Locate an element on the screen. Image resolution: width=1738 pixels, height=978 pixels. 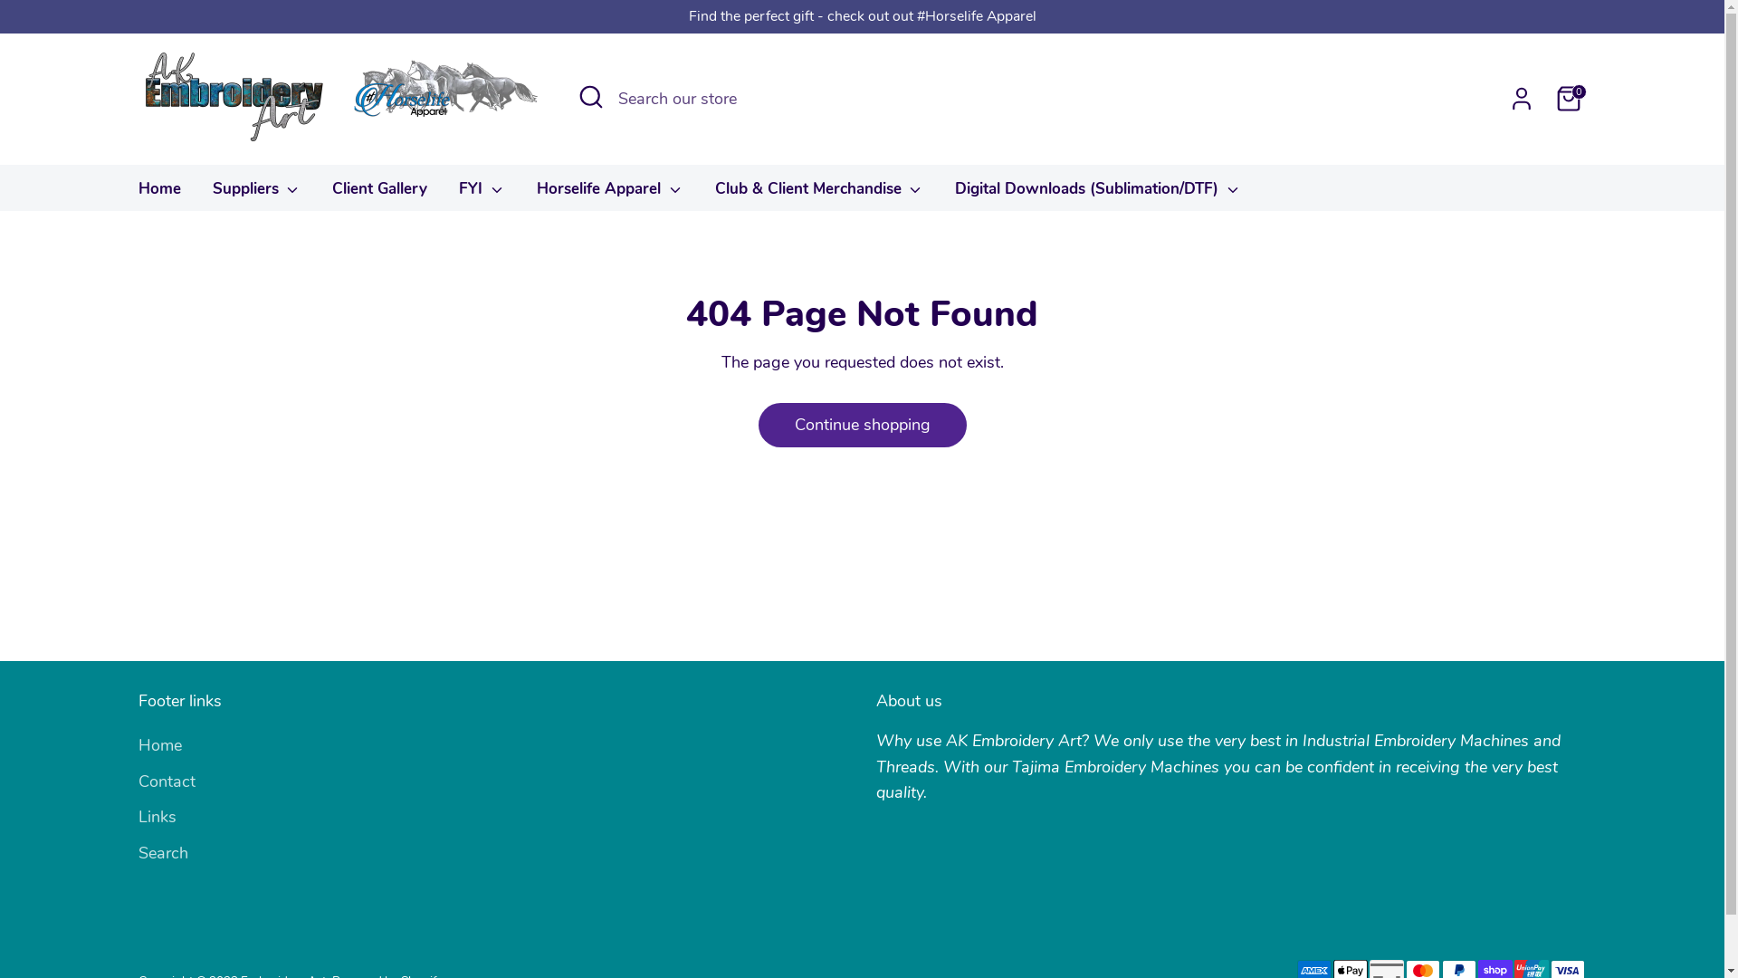
'Club & Client Merchandise' is located at coordinates (700, 195).